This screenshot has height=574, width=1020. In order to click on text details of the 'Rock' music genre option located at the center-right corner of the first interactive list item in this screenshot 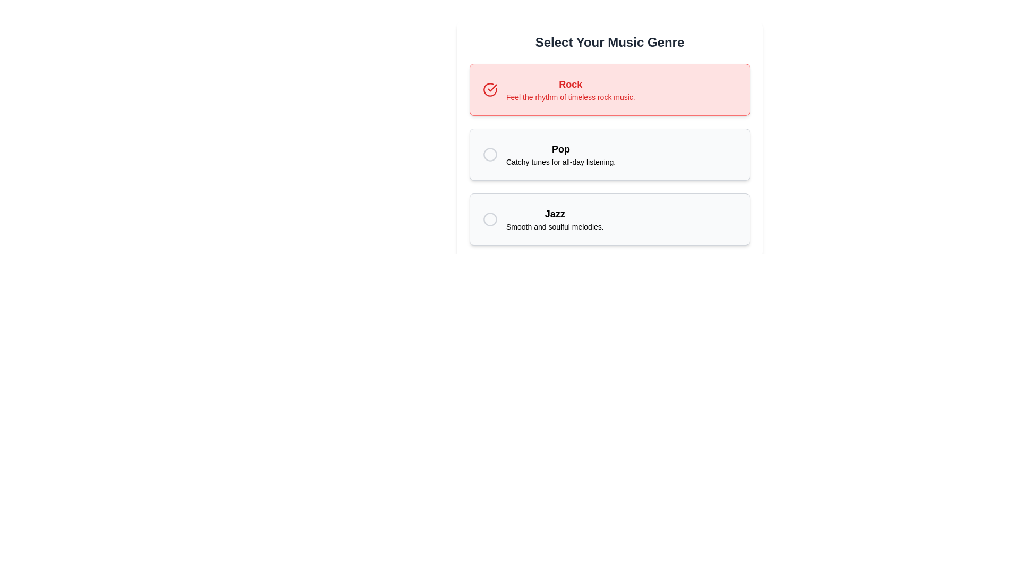, I will do `click(570, 89)`.